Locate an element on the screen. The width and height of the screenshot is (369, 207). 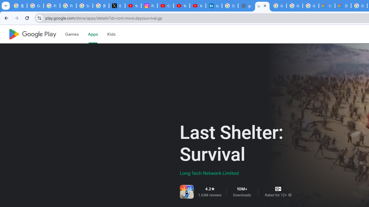
'Games' is located at coordinates (71, 34).